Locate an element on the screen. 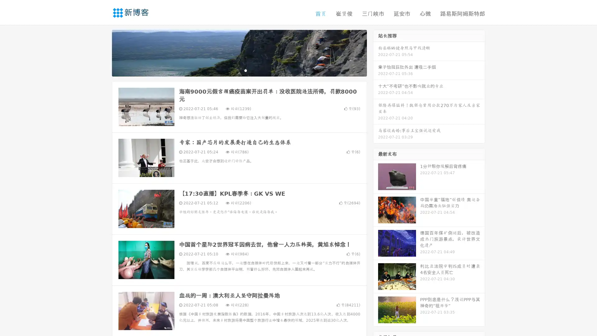 The image size is (597, 336). Go to slide 3 is located at coordinates (245, 70).